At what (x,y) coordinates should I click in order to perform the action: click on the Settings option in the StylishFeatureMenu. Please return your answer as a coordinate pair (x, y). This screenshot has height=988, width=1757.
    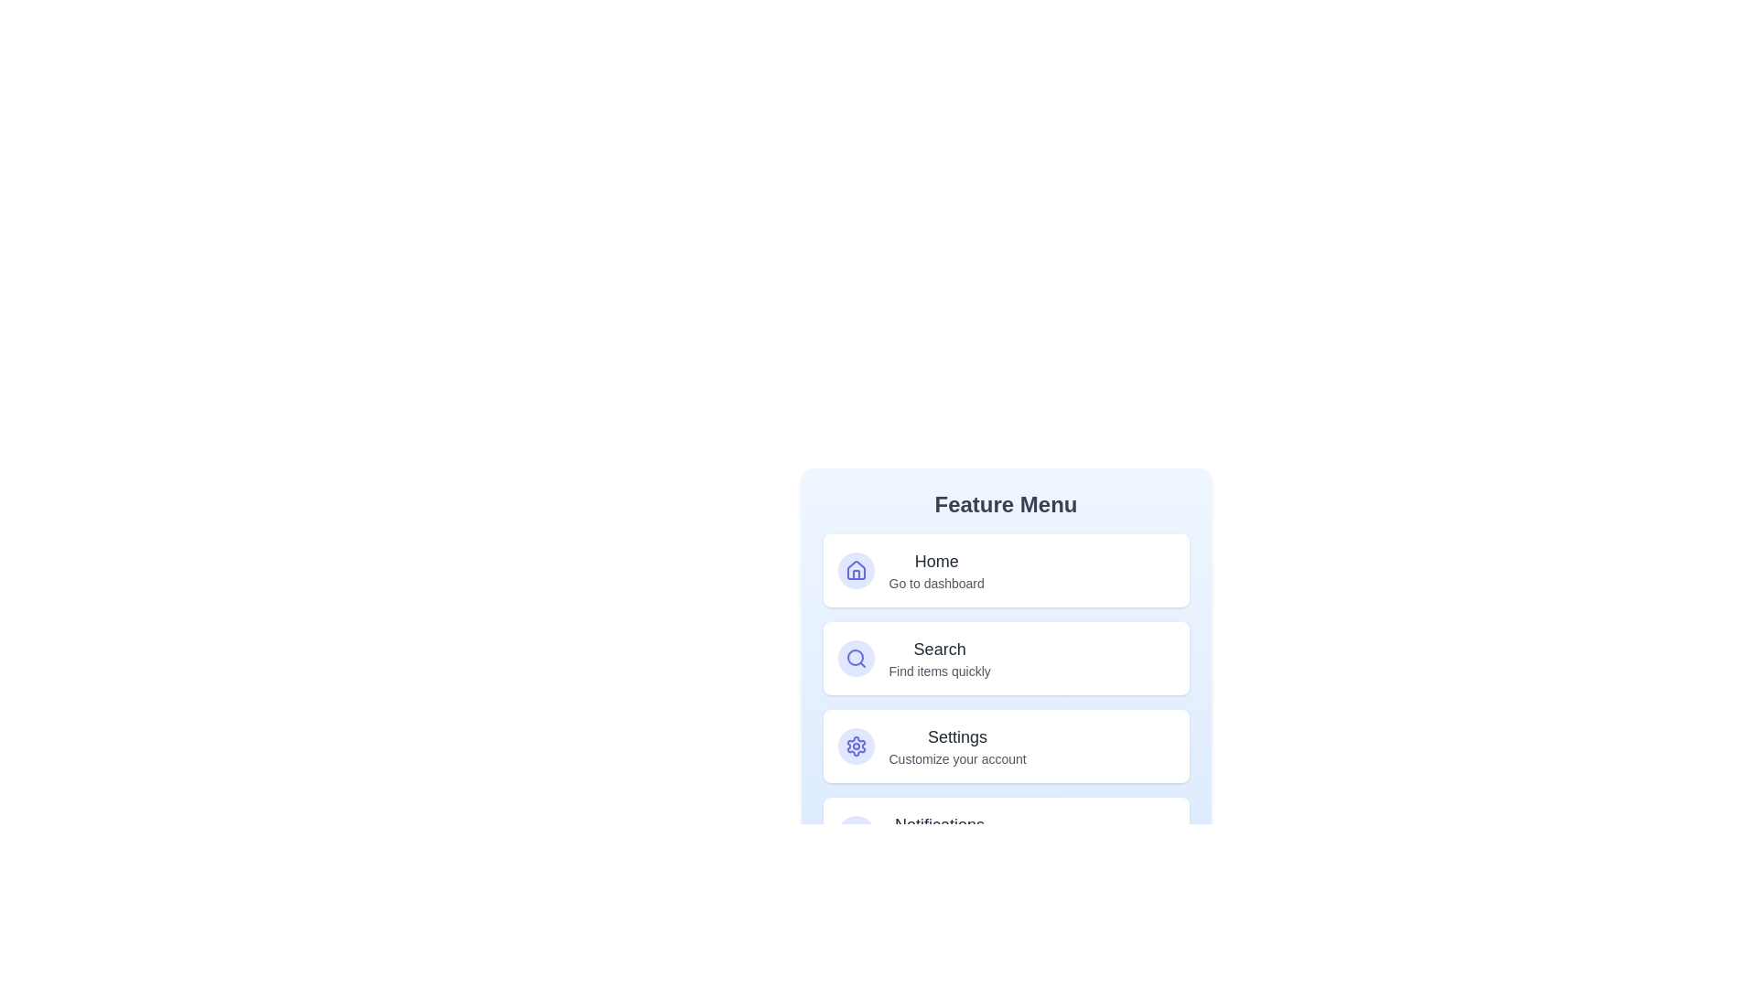
    Looking at the image, I should click on (1005, 746).